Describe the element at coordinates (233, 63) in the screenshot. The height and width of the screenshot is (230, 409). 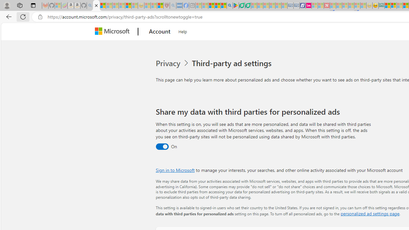
I see `'Third-party ad settings'` at that location.